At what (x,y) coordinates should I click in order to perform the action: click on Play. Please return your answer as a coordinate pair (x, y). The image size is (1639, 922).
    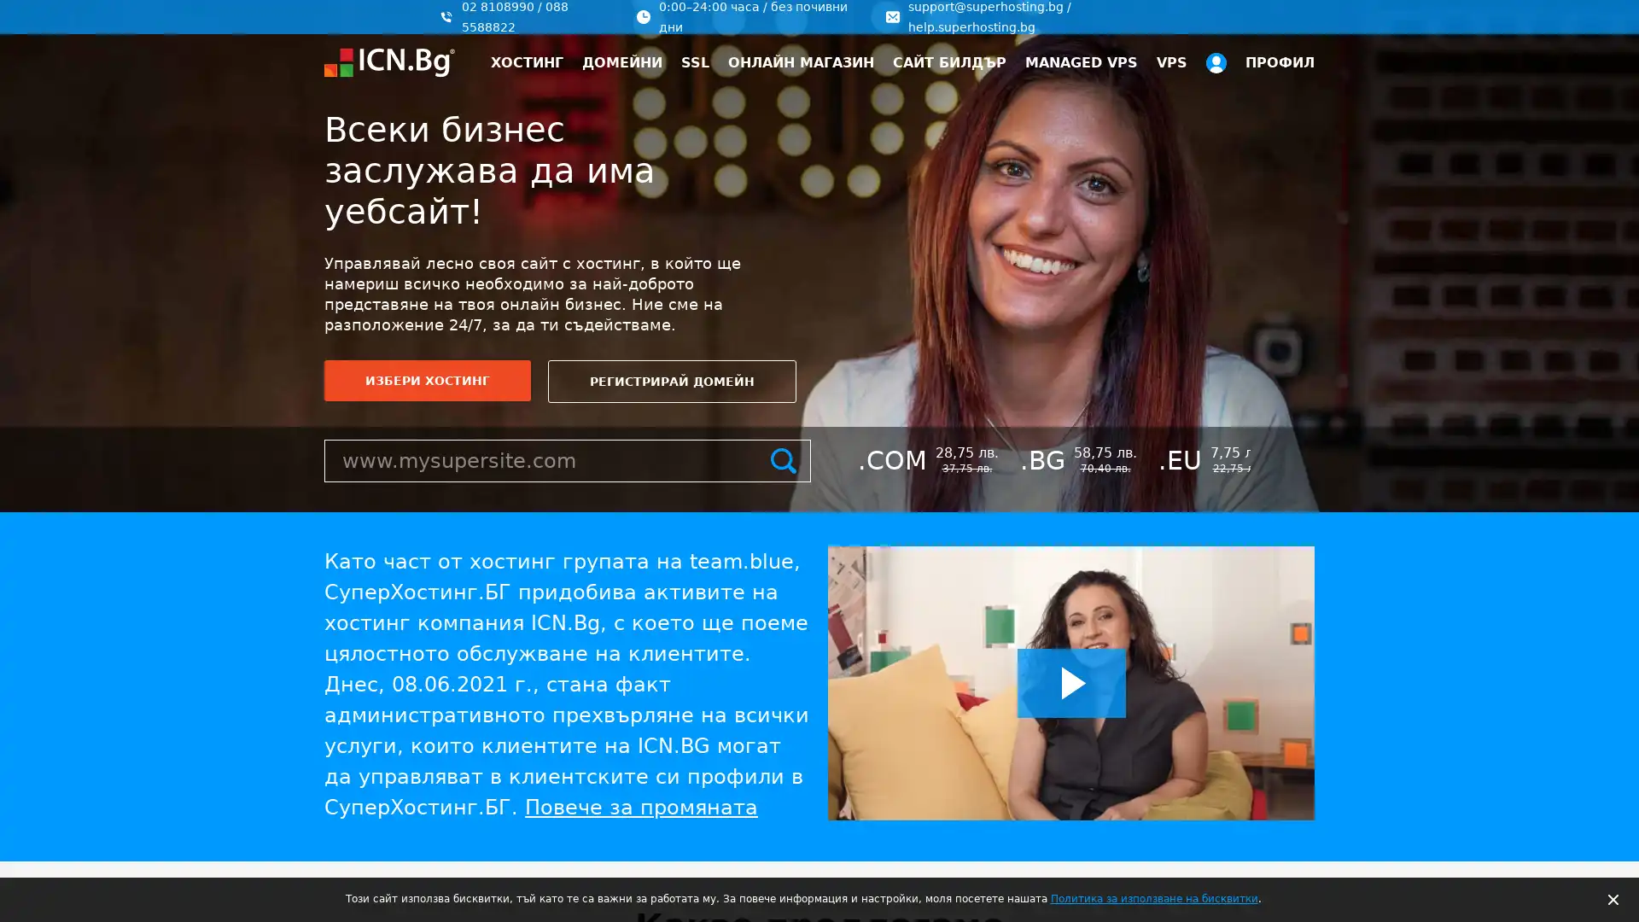
    Looking at the image, I should click on (1070, 682).